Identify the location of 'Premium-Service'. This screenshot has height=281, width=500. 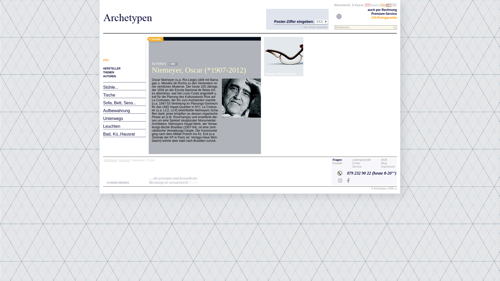
(371, 14).